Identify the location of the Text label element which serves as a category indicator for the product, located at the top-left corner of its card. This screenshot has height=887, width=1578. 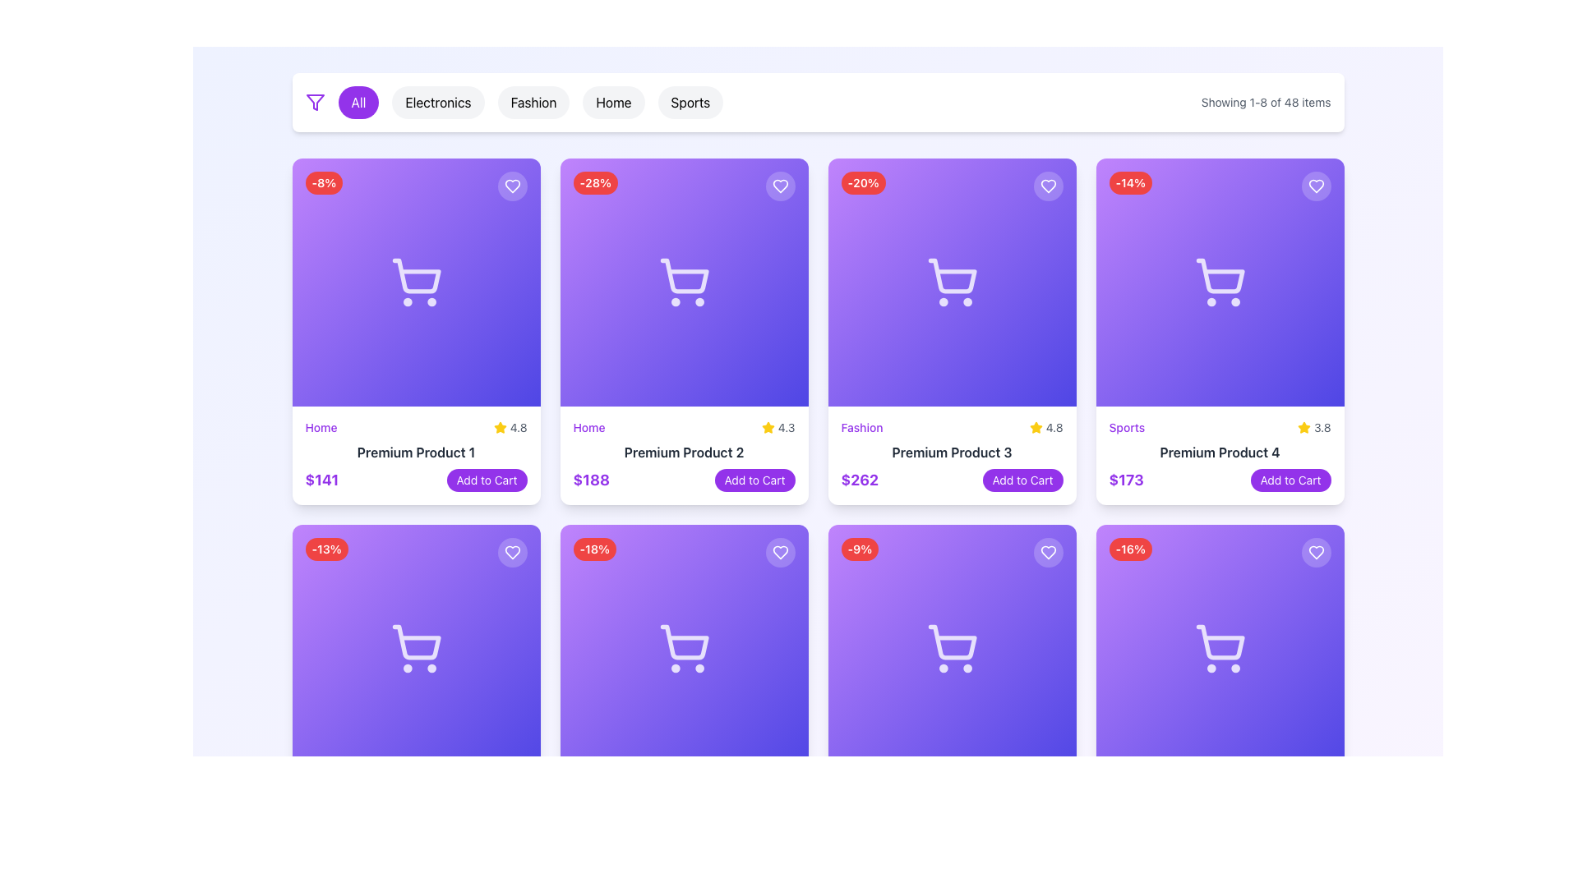
(588, 426).